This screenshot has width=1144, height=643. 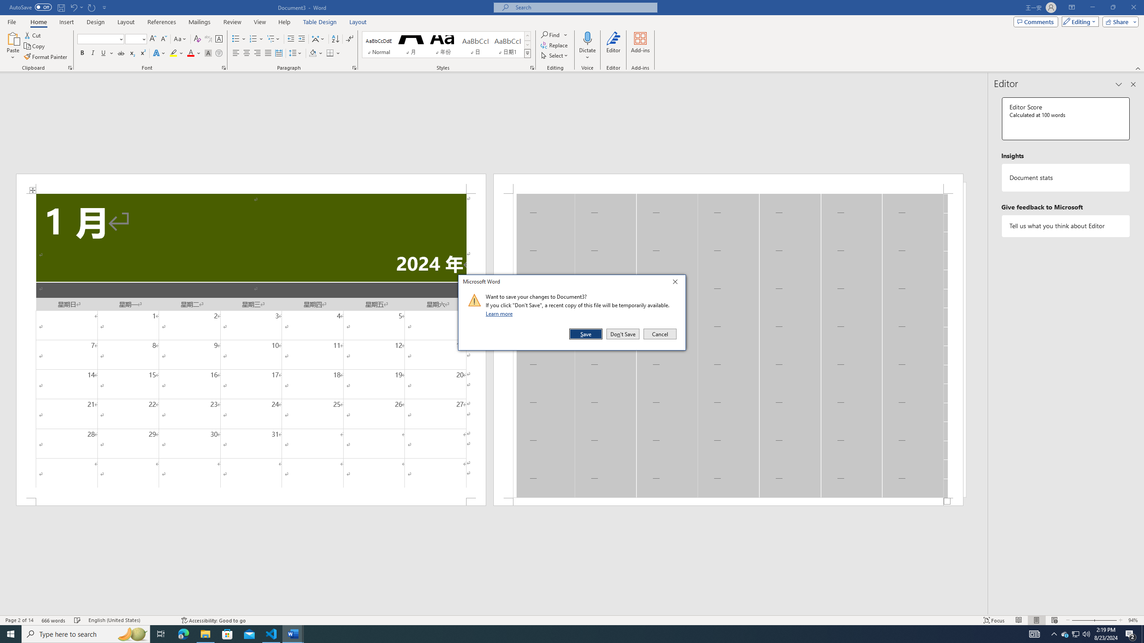 What do you see at coordinates (152, 39) in the screenshot?
I see `'Grow Font'` at bounding box center [152, 39].